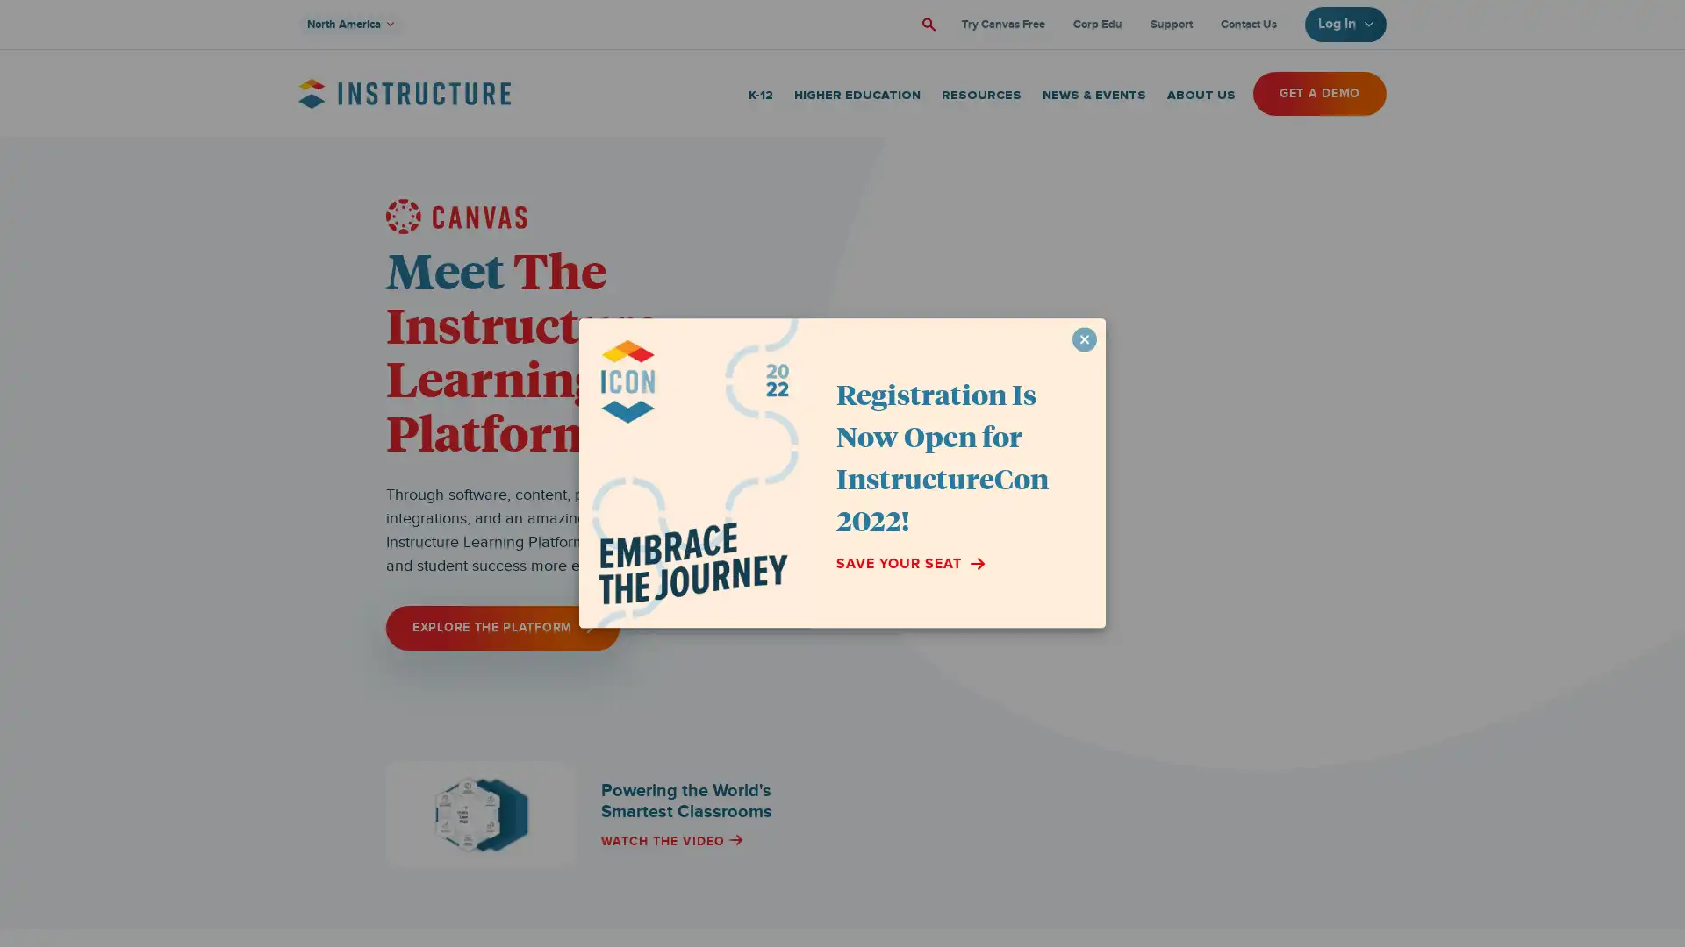 Image resolution: width=1685 pixels, height=947 pixels. I want to click on Cookies Settings, so click(178, 879).